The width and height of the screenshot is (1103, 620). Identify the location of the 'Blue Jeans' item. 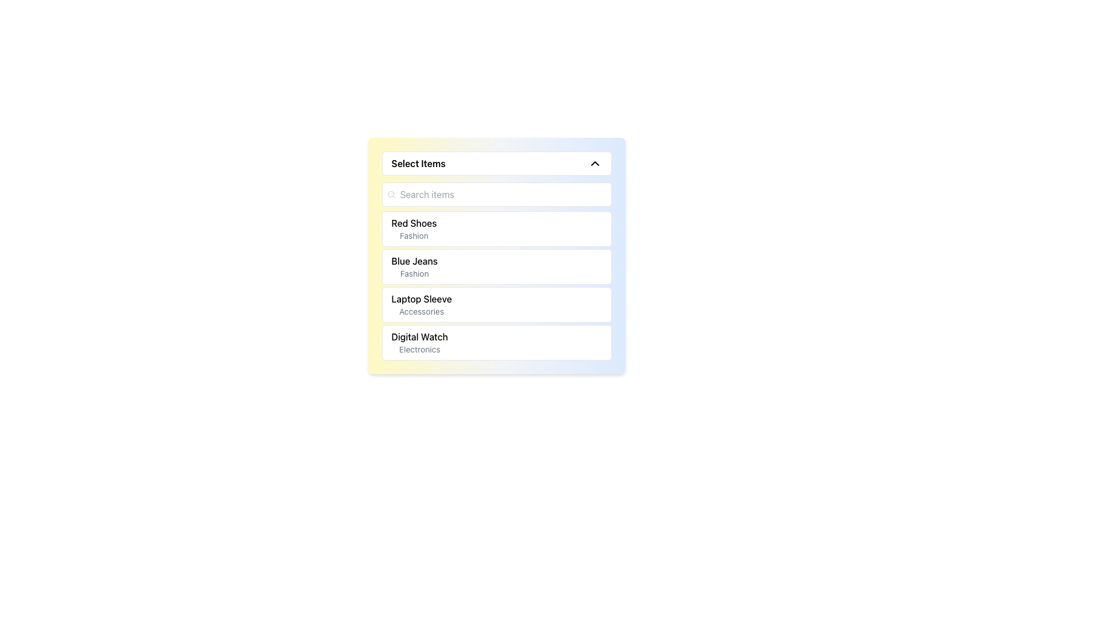
(496, 267).